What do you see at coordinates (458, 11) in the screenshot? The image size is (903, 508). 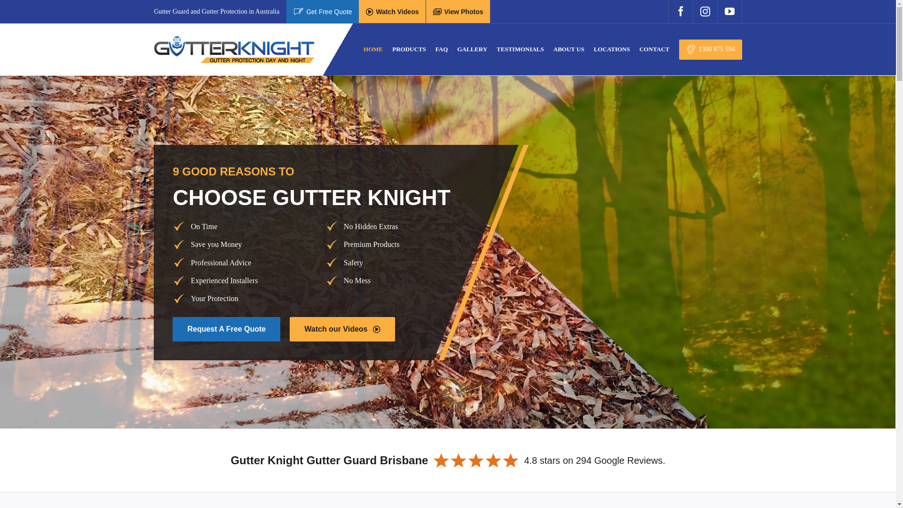 I see `'View Photos'` at bounding box center [458, 11].